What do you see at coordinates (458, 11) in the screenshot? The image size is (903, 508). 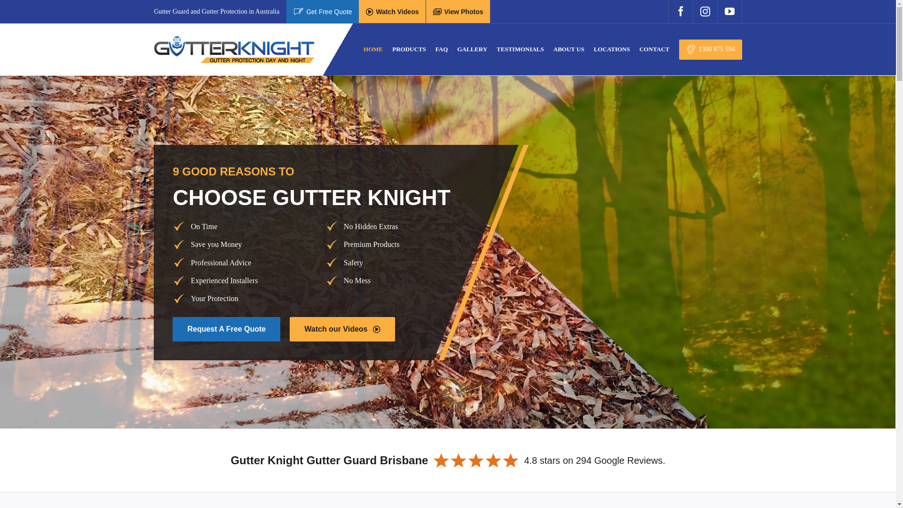 I see `'View Photos'` at bounding box center [458, 11].